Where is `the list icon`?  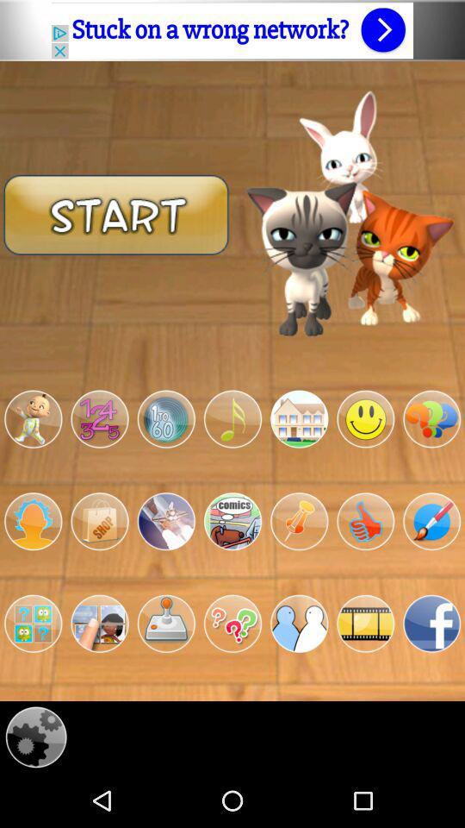
the list icon is located at coordinates (232, 557).